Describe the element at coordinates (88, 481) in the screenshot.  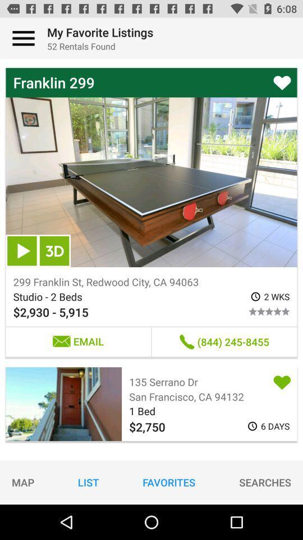
I see `item next to the map` at that location.